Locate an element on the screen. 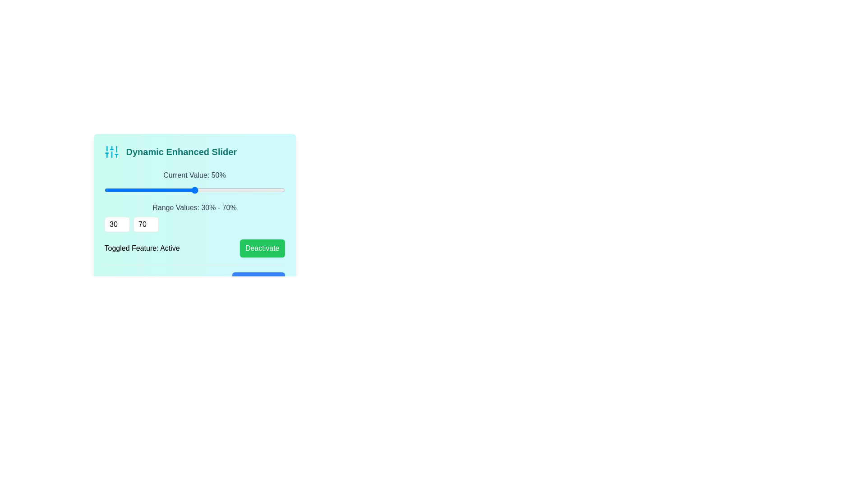  the slider is located at coordinates (117, 189).